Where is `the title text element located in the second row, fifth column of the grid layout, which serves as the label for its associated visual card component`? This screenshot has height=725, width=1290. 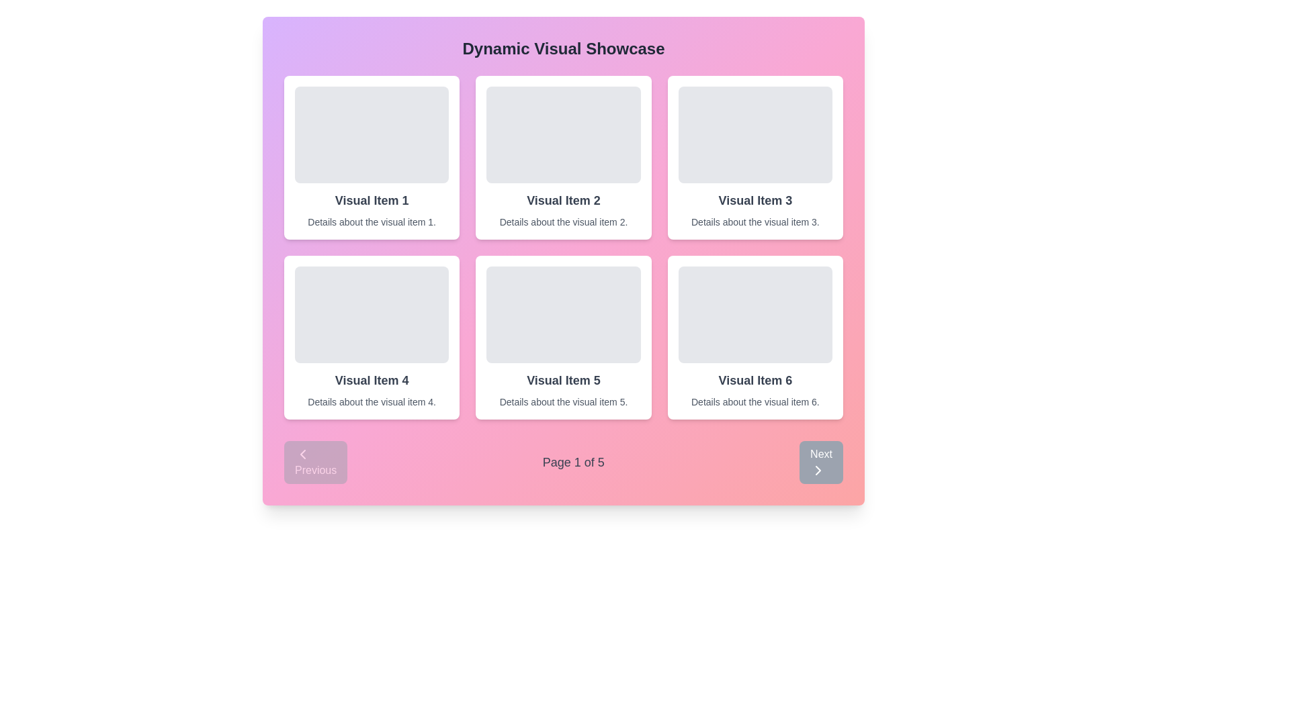 the title text element located in the second row, fifth column of the grid layout, which serves as the label for its associated visual card component is located at coordinates (564, 381).